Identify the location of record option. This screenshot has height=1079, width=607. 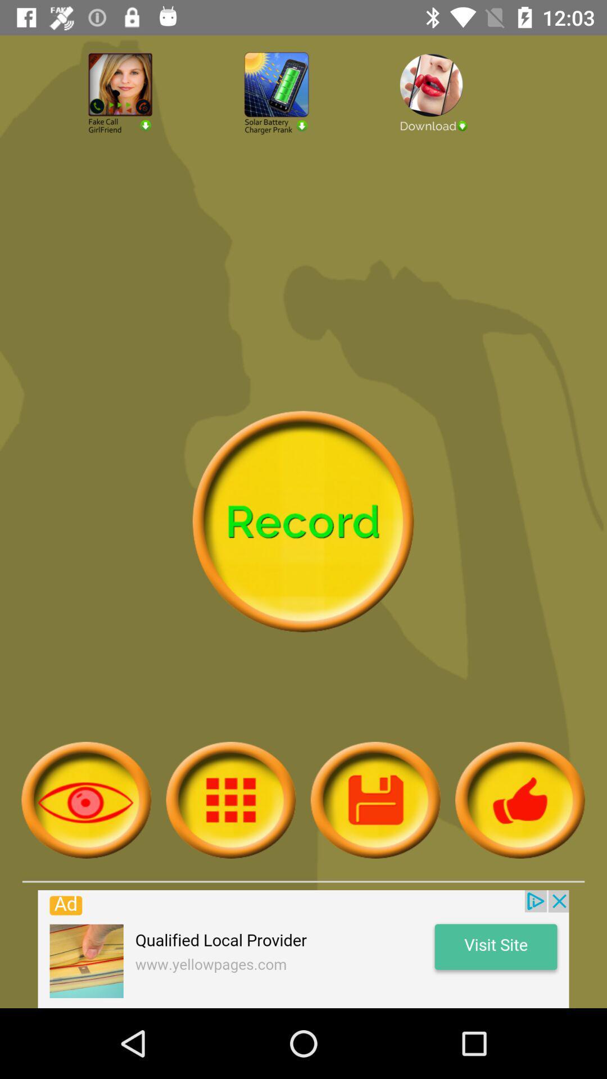
(302, 521).